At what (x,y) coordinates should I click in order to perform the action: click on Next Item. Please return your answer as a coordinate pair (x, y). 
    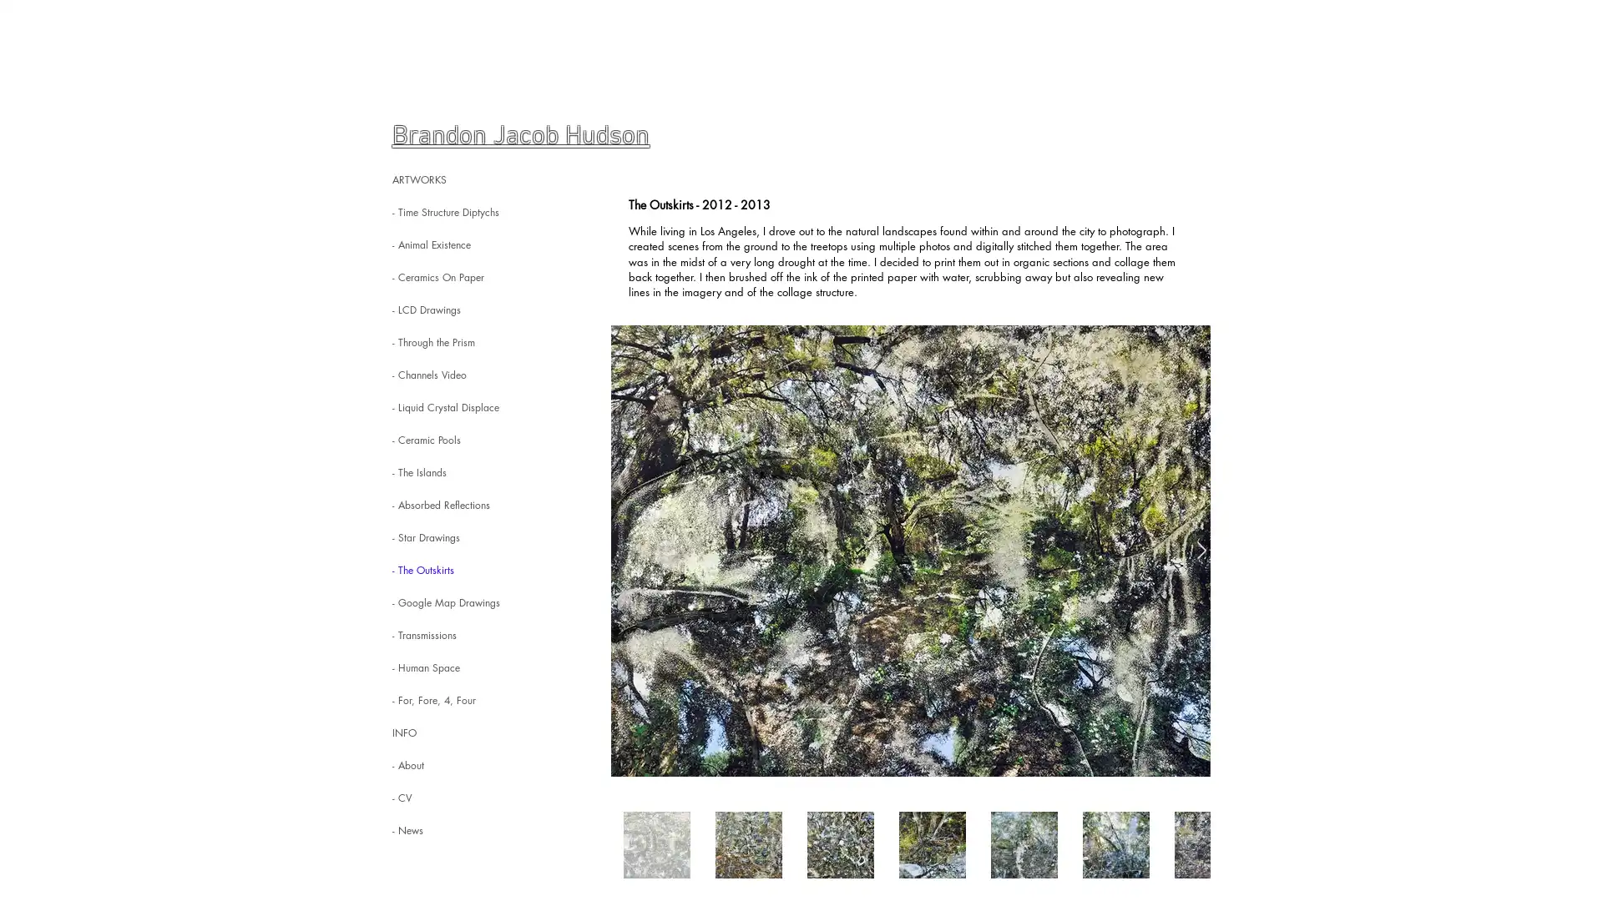
    Looking at the image, I should click on (1201, 550).